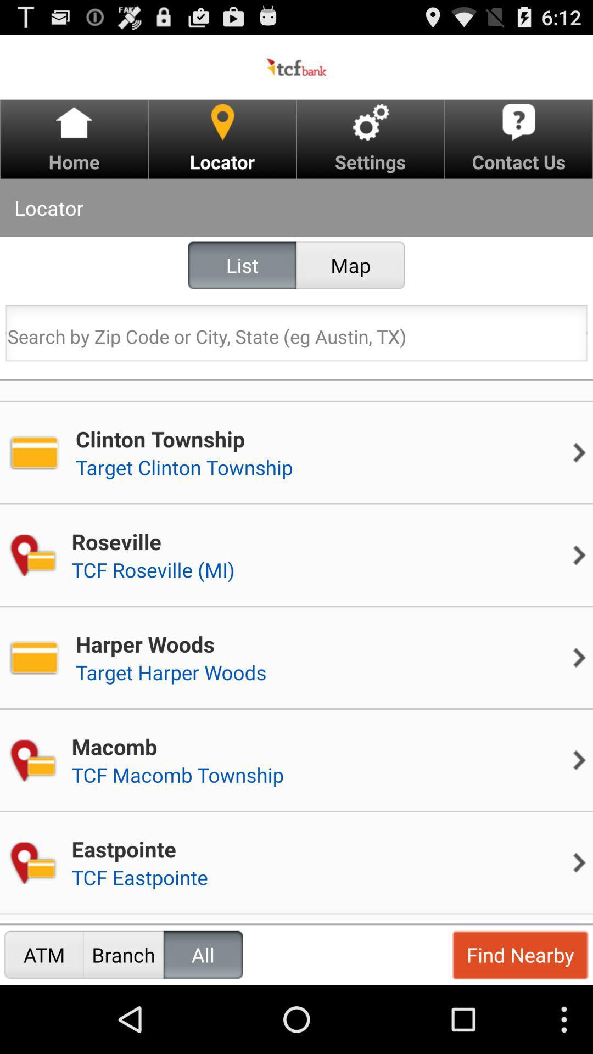 The width and height of the screenshot is (593, 1054). What do you see at coordinates (350, 265) in the screenshot?
I see `item next to list radio button` at bounding box center [350, 265].